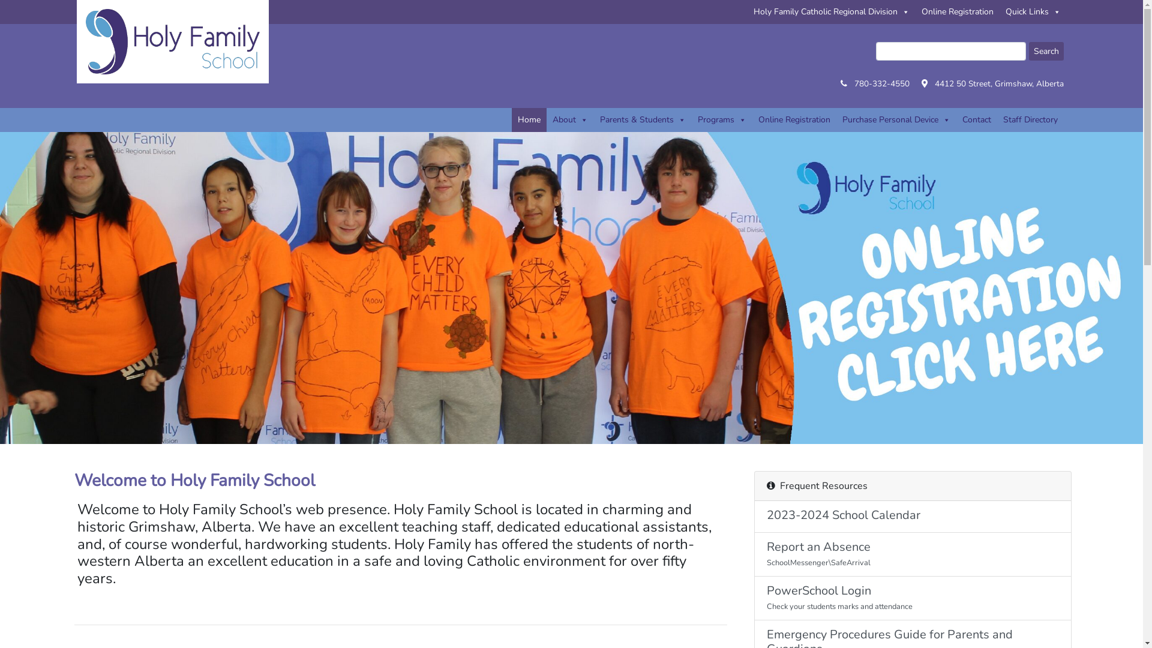 This screenshot has height=648, width=1152. What do you see at coordinates (912, 554) in the screenshot?
I see `'Report an Absence` at bounding box center [912, 554].